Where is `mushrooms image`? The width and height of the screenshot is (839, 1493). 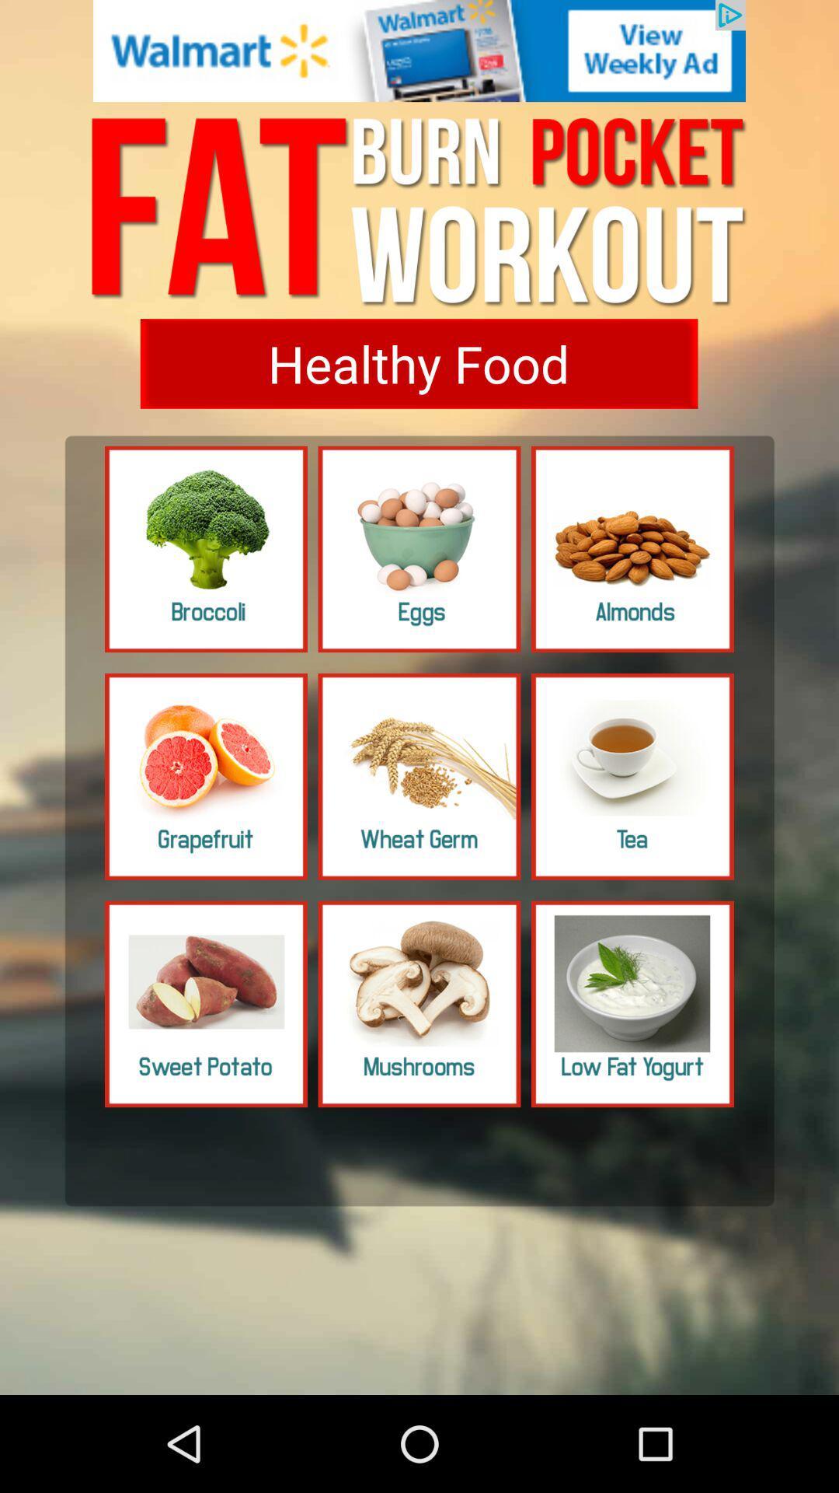 mushrooms image is located at coordinates (419, 1004).